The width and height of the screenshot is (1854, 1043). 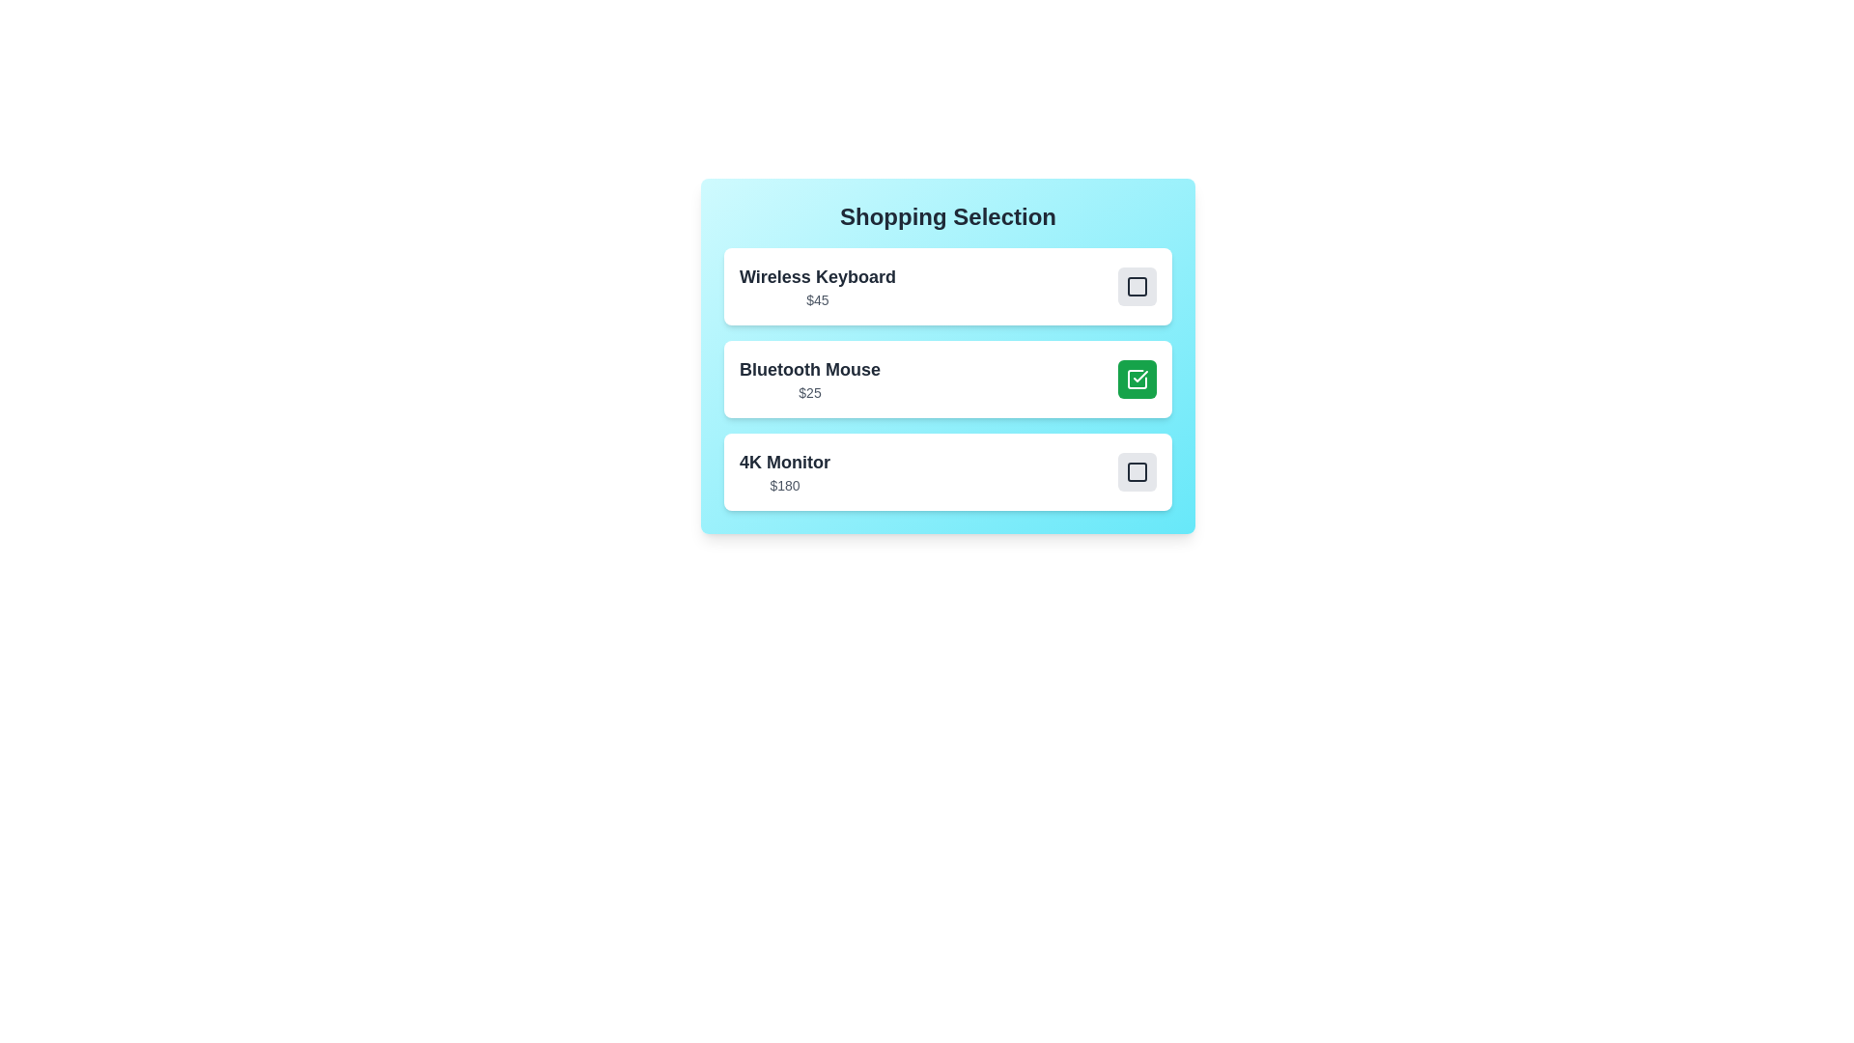 What do you see at coordinates (810, 392) in the screenshot?
I see `price displayed for the Bluetooth Mouse item, located directly below the 'Bluetooth Mouse' text and to the left of a green checkbox` at bounding box center [810, 392].